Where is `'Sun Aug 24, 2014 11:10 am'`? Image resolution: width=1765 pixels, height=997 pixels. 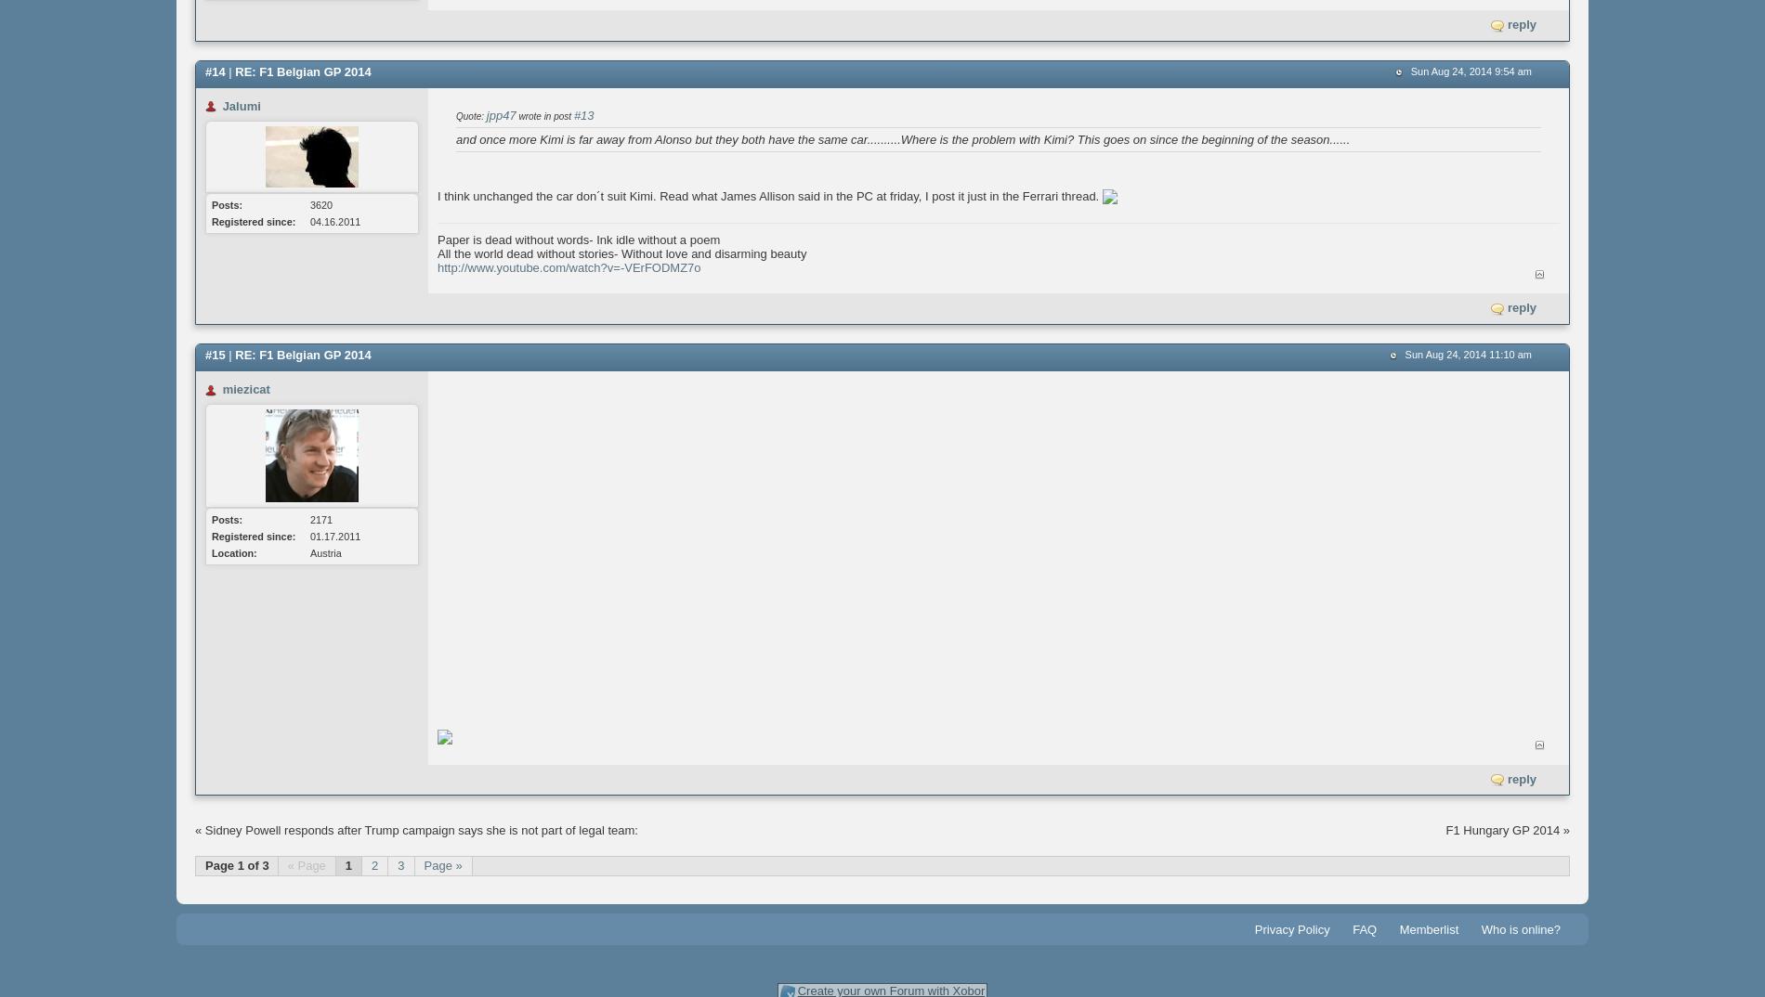
'Sun Aug 24, 2014 11:10 am' is located at coordinates (1468, 353).